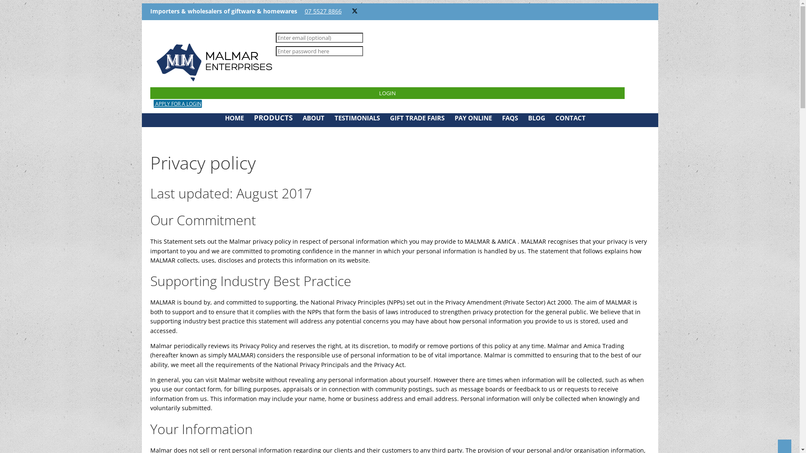 The image size is (806, 453). I want to click on 'Enter email to be able to retrieve cart later.', so click(318, 37).